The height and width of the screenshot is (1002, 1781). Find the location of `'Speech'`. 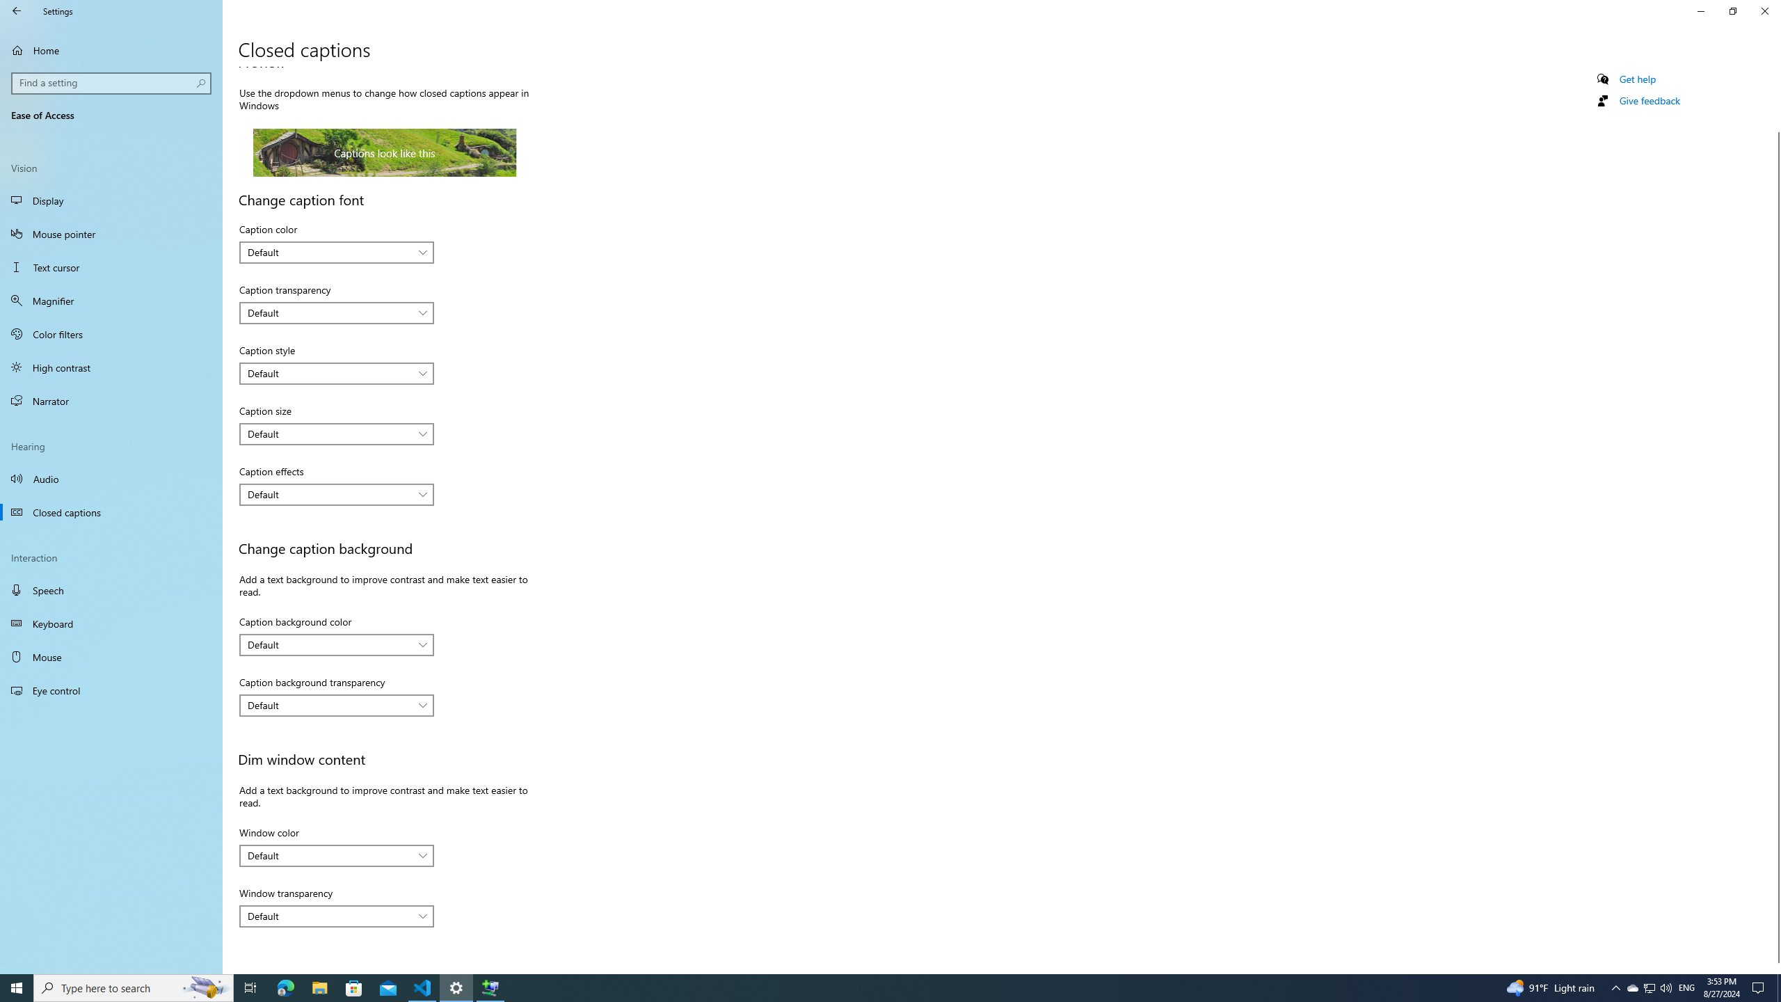

'Speech' is located at coordinates (111, 589).